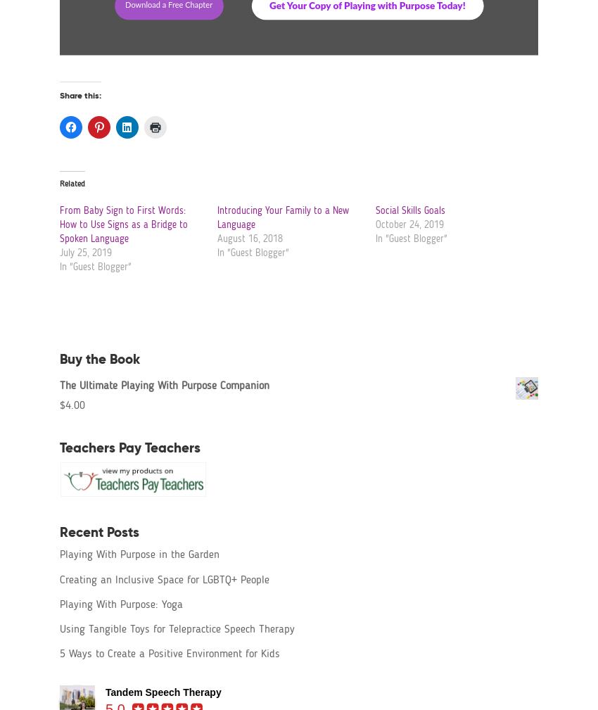  What do you see at coordinates (139, 555) in the screenshot?
I see `'Playing With Purpose in the Garden'` at bounding box center [139, 555].